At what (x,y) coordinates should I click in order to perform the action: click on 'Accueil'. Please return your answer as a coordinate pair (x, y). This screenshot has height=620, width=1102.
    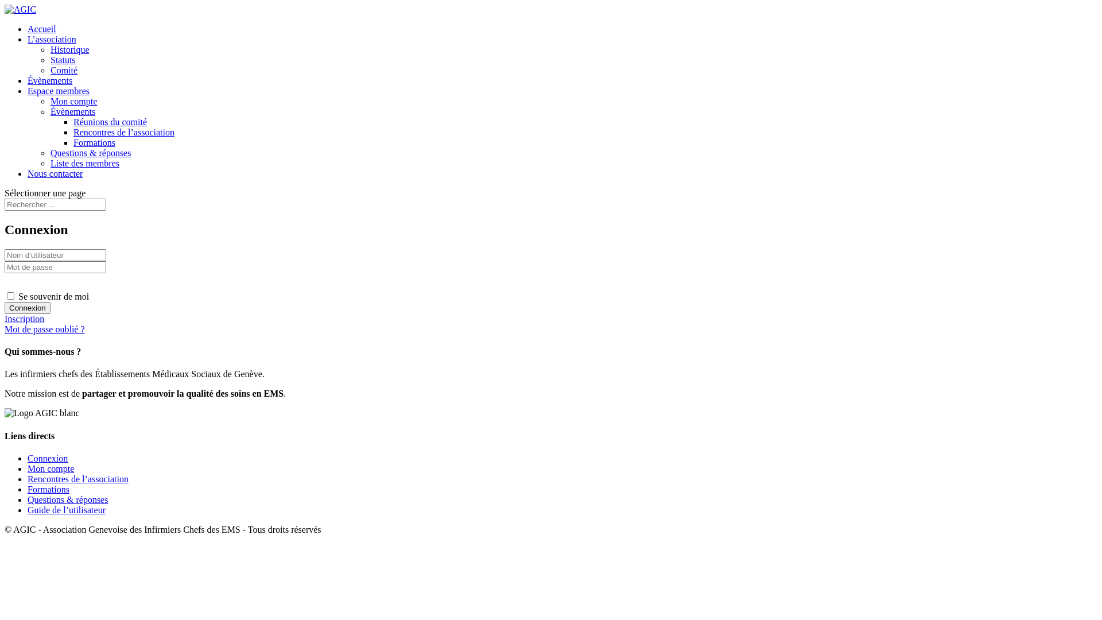
    Looking at the image, I should click on (28, 28).